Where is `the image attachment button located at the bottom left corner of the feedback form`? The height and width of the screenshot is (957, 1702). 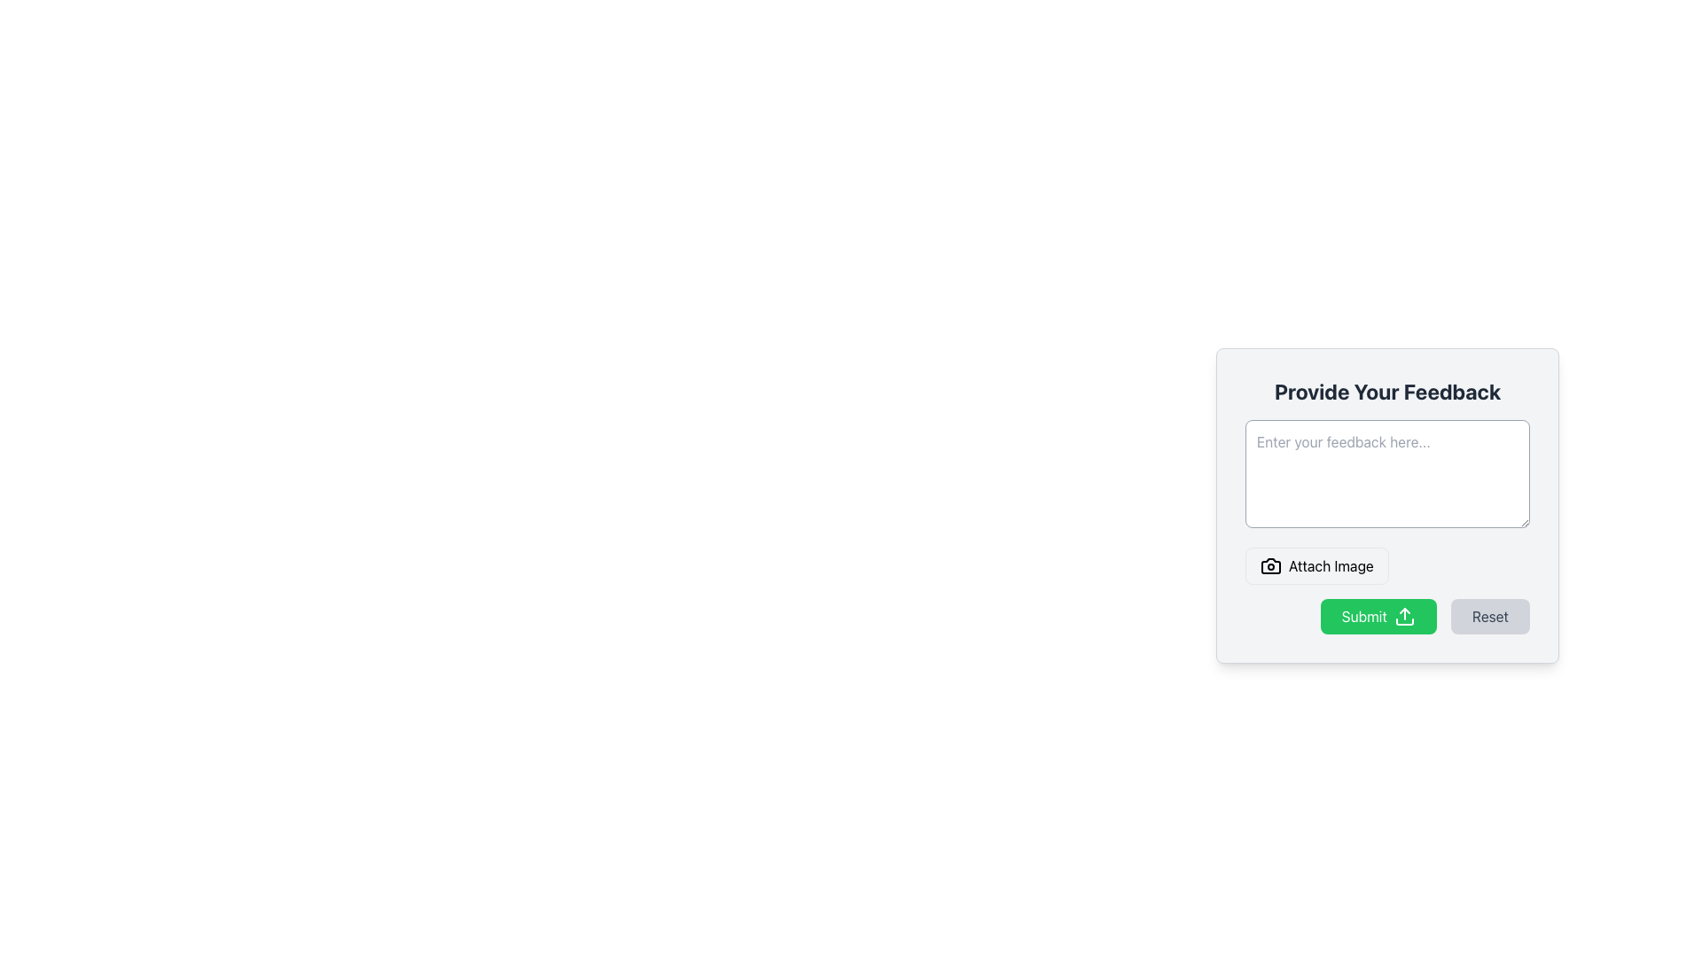
the image attachment button located at the bottom left corner of the feedback form is located at coordinates (1316, 566).